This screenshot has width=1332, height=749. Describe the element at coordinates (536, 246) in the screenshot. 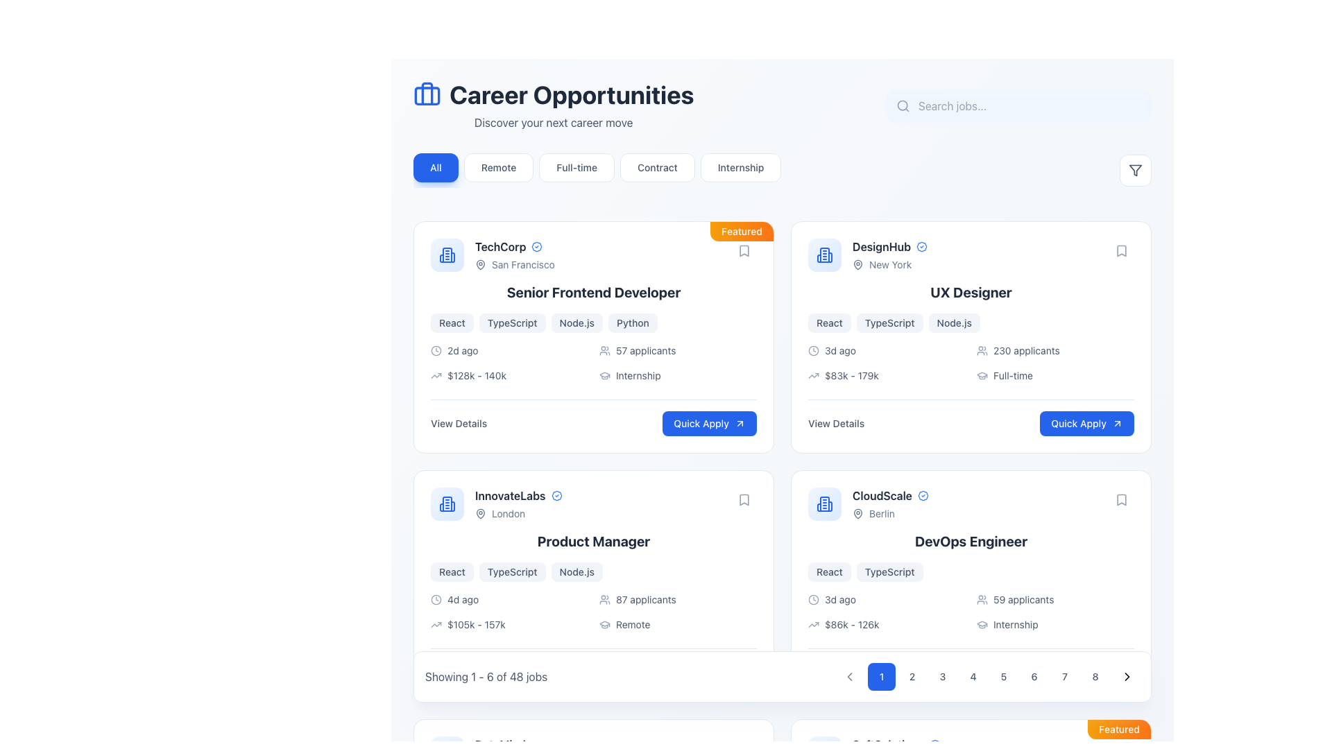

I see `the circular visual embellishment within the badge icon located in the top-left corner of the job card labeled 'TechCorp'` at that location.